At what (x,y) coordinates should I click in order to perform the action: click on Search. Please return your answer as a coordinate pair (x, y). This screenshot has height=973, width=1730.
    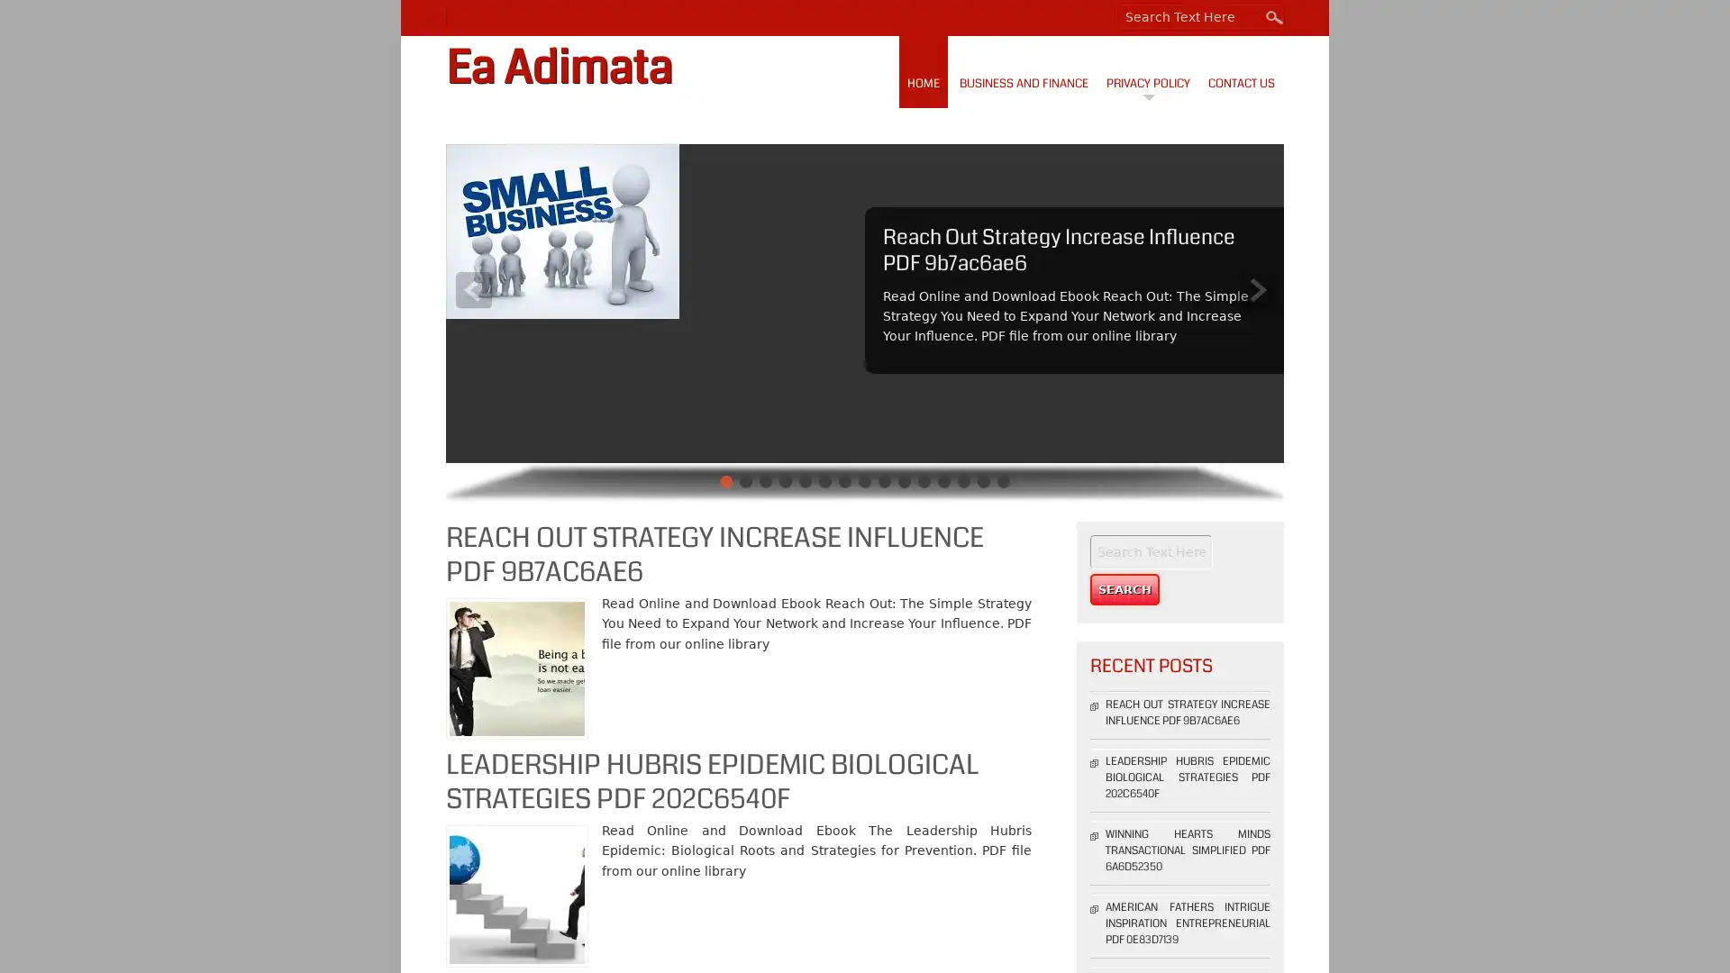
    Looking at the image, I should click on (1124, 589).